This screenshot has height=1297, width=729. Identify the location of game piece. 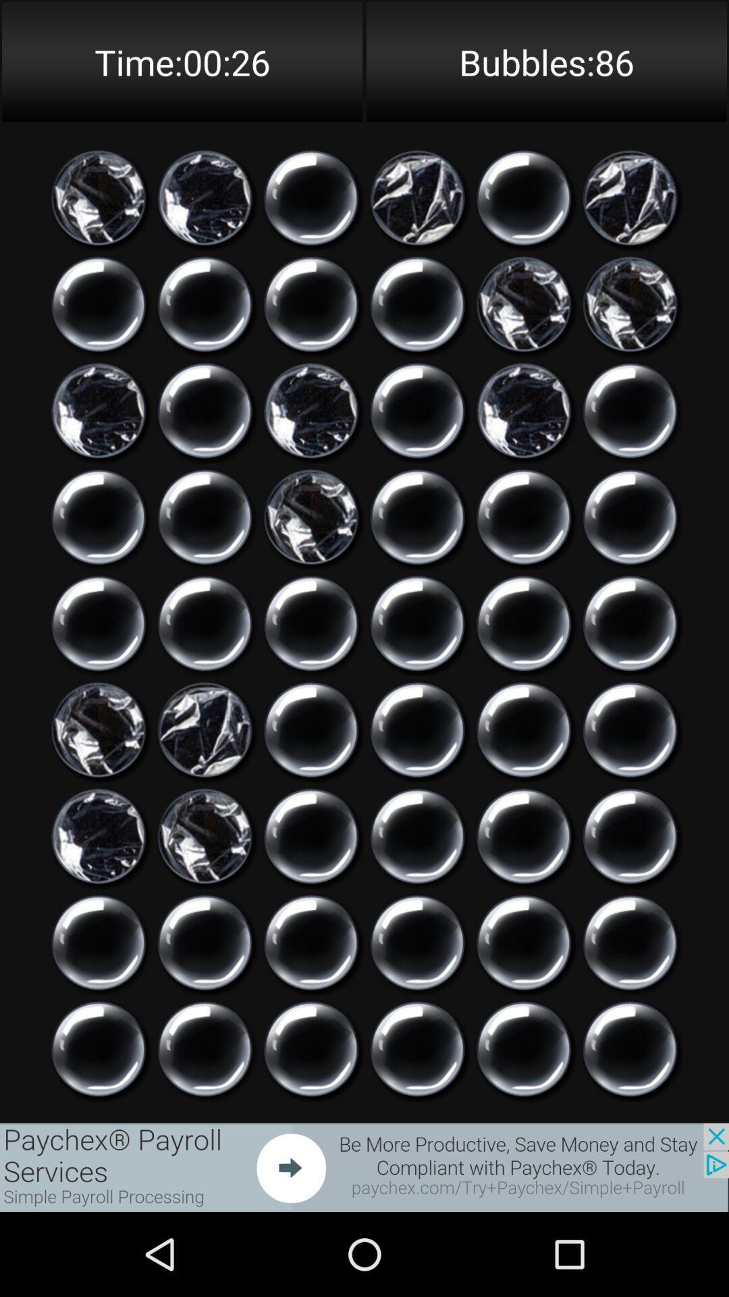
(523, 516).